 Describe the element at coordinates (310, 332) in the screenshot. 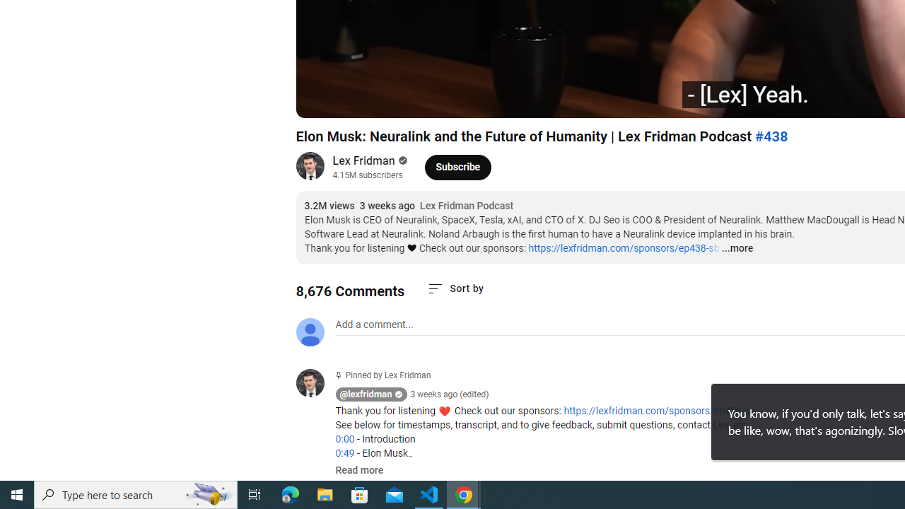

I see `'Default profile photo'` at that location.